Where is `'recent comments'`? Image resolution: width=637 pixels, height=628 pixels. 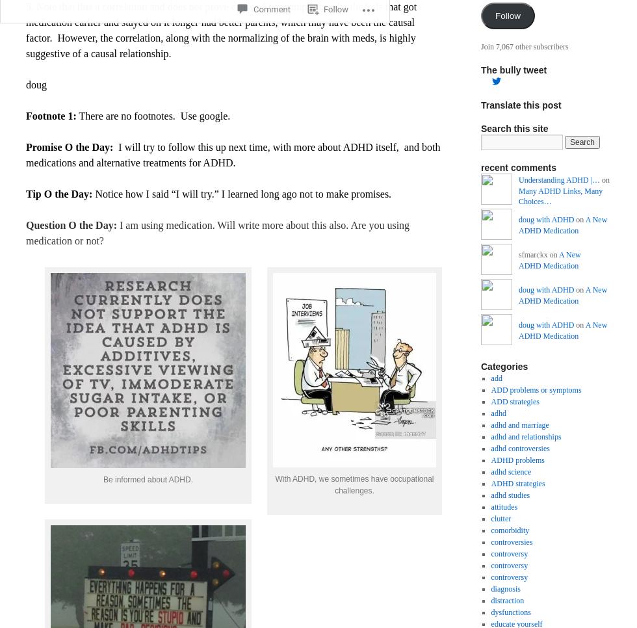
'recent comments' is located at coordinates (480, 168).